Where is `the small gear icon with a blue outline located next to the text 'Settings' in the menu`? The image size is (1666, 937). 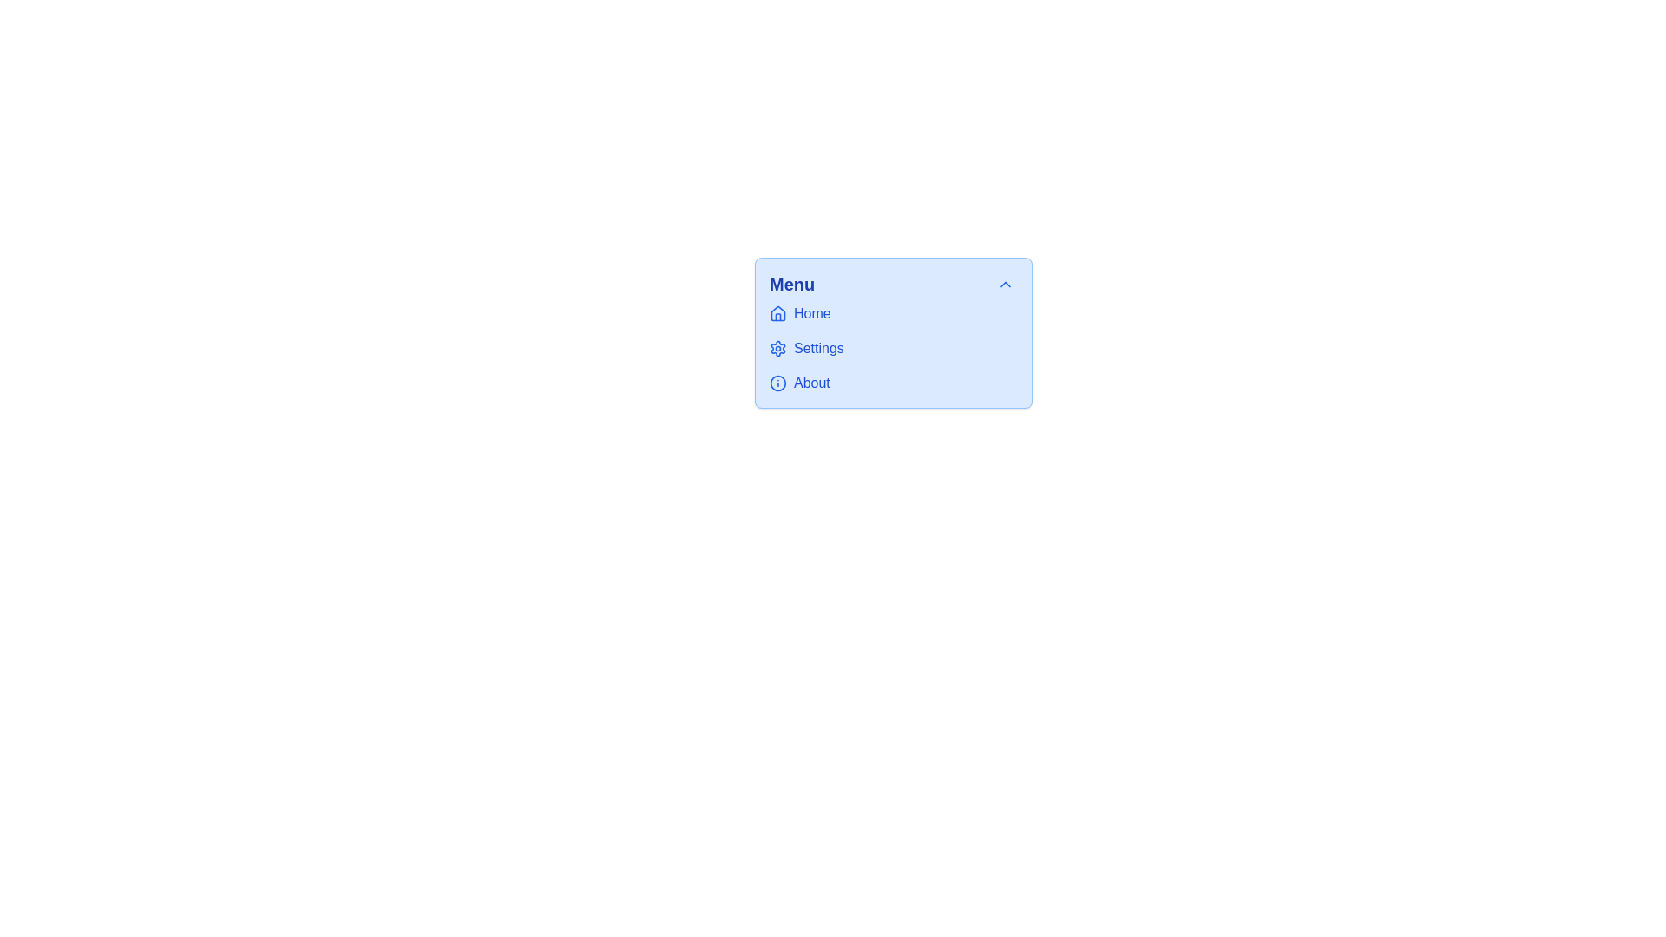
the small gear icon with a blue outline located next to the text 'Settings' in the menu is located at coordinates (777, 348).